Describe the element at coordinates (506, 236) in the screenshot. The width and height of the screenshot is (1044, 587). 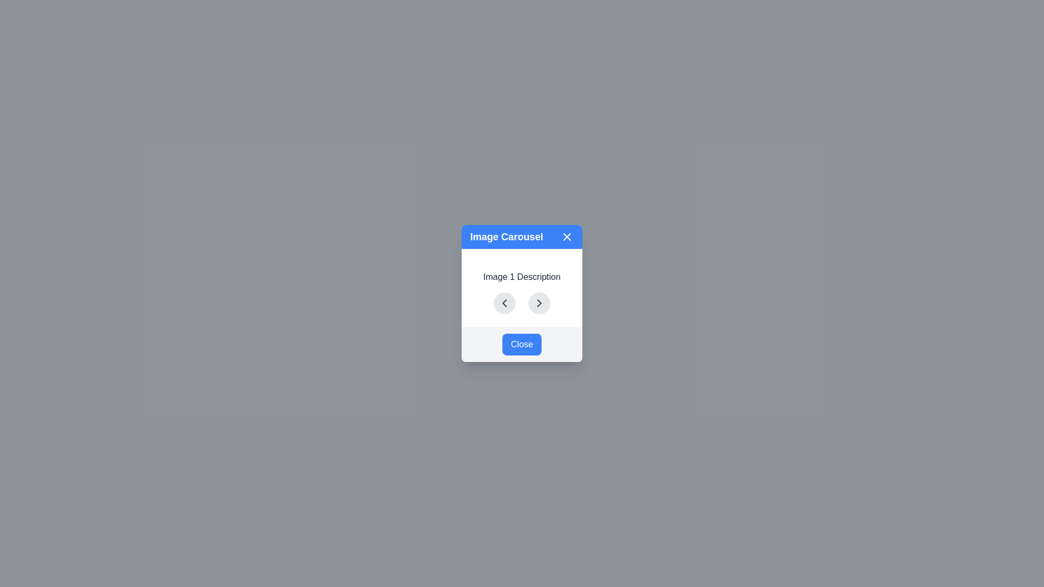
I see `the bold, white text label stating 'Image Carousel' at the top of the modal, which is prominently displayed on a blue background` at that location.